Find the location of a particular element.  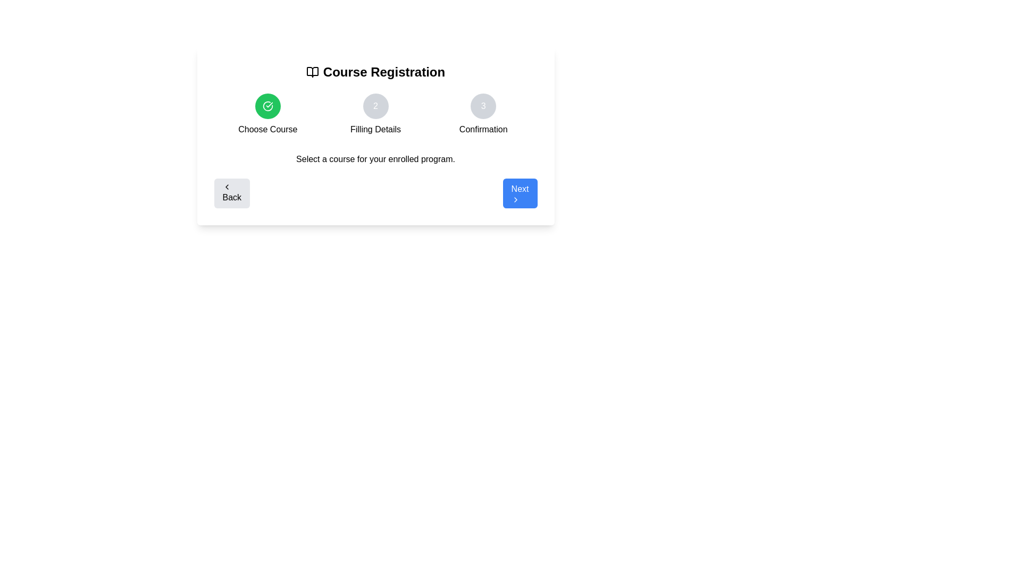

the Step indicator labeled '3' which is a circular area with a gray background located above the text label 'Confirmation'. This element is the last in a sequence of three labeled circles in the header section is located at coordinates (483, 115).